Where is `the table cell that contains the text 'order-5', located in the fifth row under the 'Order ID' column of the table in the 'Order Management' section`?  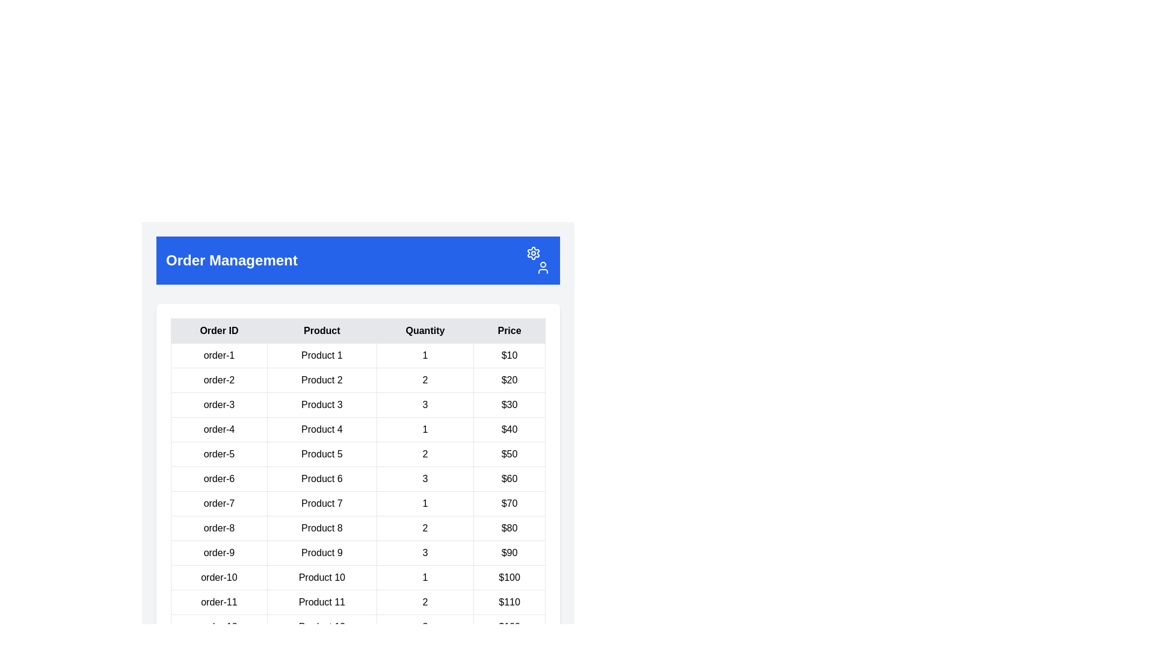
the table cell that contains the text 'order-5', located in the fifth row under the 'Order ID' column of the table in the 'Order Management' section is located at coordinates (219, 454).